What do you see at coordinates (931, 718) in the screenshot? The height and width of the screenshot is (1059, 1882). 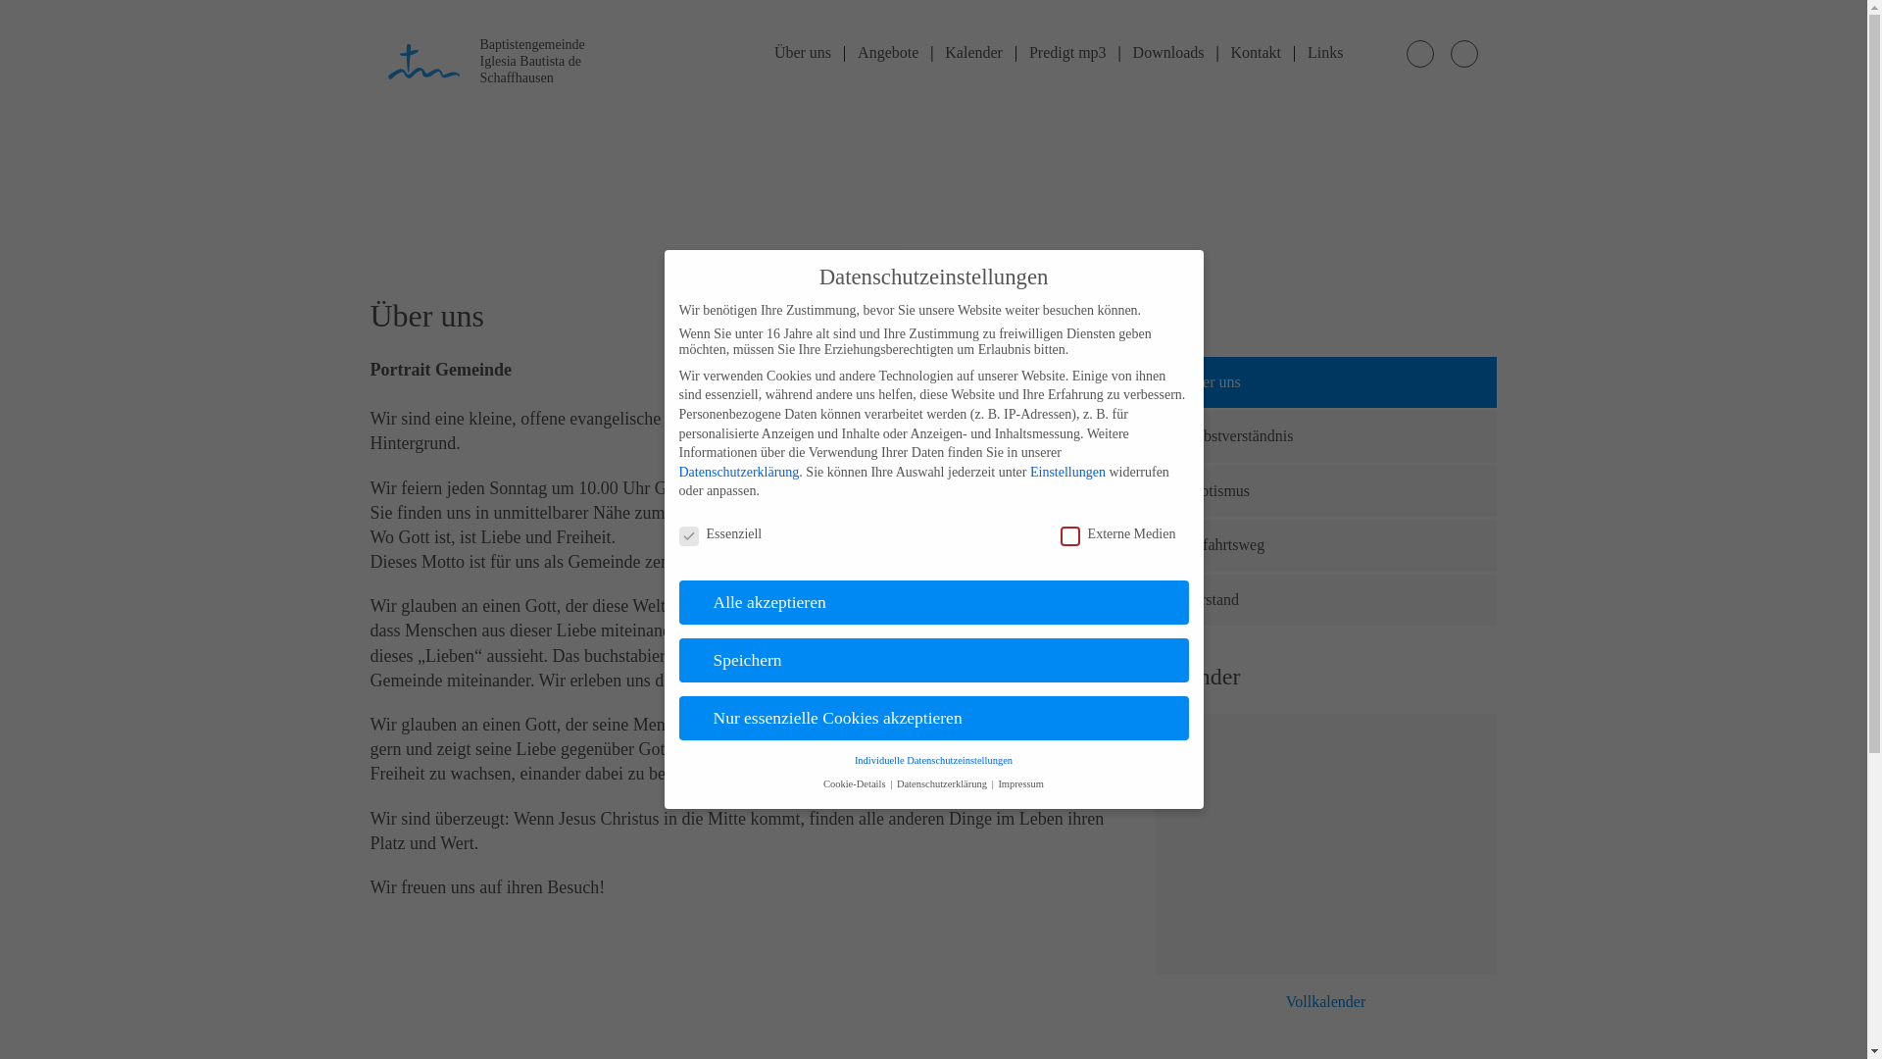 I see `'Nur essenzielle Cookies akzeptieren'` at bounding box center [931, 718].